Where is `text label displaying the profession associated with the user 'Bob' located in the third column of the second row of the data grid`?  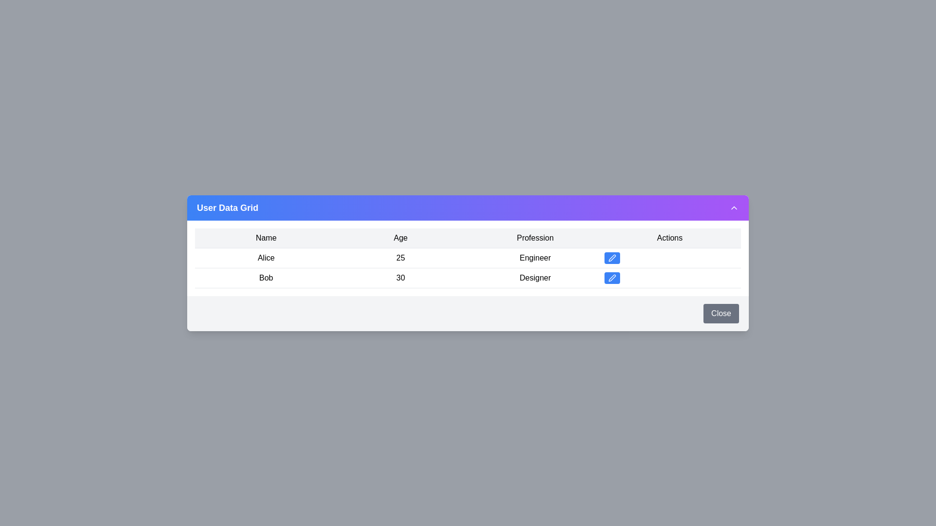 text label displaying the profession associated with the user 'Bob' located in the third column of the second row of the data grid is located at coordinates (535, 278).